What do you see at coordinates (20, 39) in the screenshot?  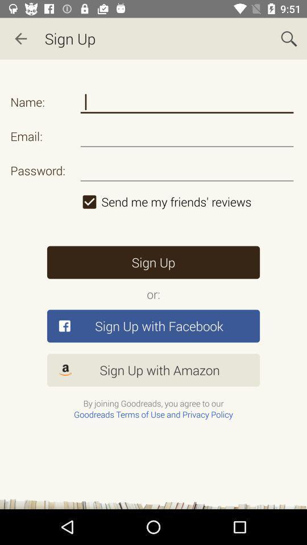 I see `the item to the left of the sign up app` at bounding box center [20, 39].